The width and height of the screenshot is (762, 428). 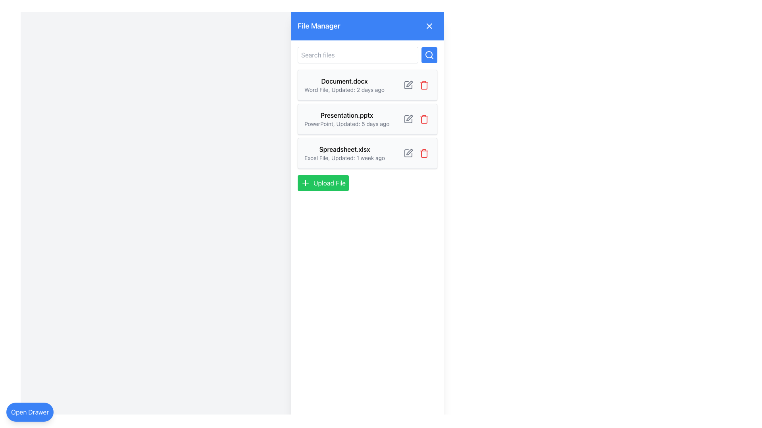 What do you see at coordinates (344, 90) in the screenshot?
I see `metadata displayed in the Text label showing 'Word File, Updated: 2 days ago', which is located below the title 'Document.docx' in the File Manager interface` at bounding box center [344, 90].